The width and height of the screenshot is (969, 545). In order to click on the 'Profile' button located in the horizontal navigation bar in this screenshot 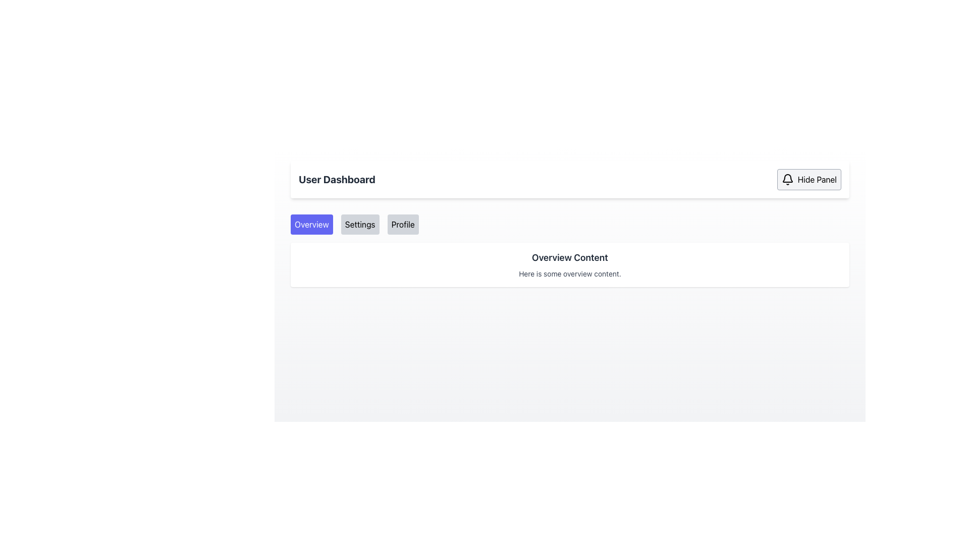, I will do `click(402, 224)`.